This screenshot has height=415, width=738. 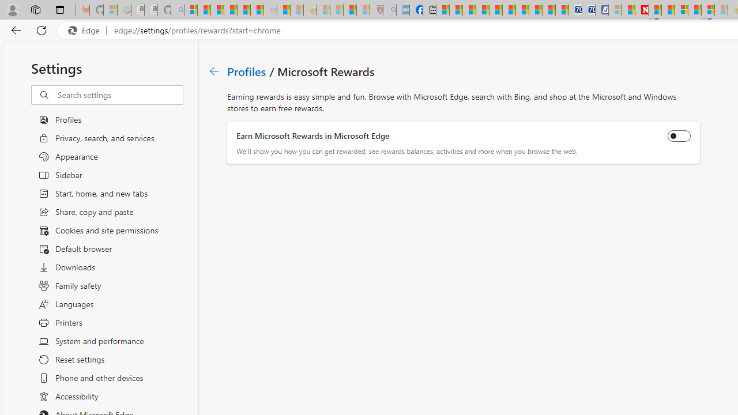 What do you see at coordinates (214, 71) in the screenshot?
I see `'Go back to Profiles page.'` at bounding box center [214, 71].